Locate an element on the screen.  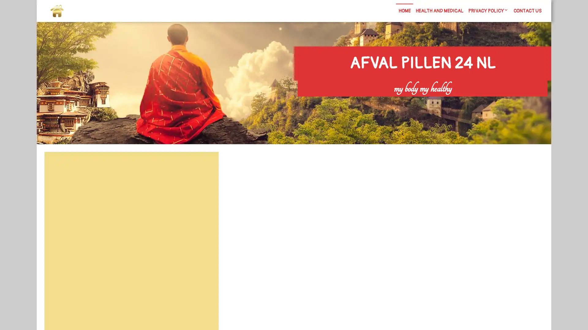
Search is located at coordinates (204, 167).